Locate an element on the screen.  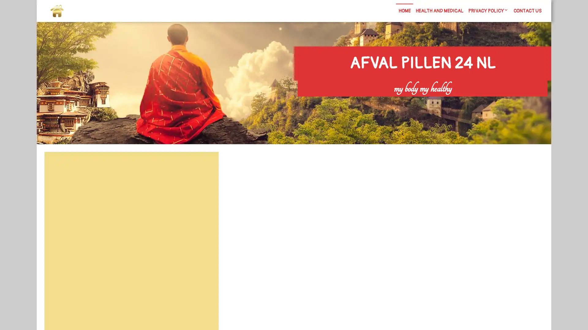
Search is located at coordinates (204, 167).